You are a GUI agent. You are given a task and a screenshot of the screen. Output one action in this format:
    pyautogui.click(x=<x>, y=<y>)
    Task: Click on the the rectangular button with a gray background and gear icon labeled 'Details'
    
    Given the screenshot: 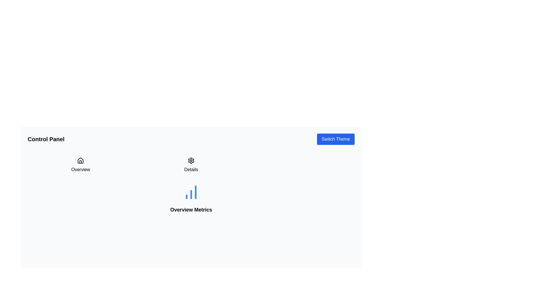 What is the action you would take?
    pyautogui.click(x=191, y=165)
    